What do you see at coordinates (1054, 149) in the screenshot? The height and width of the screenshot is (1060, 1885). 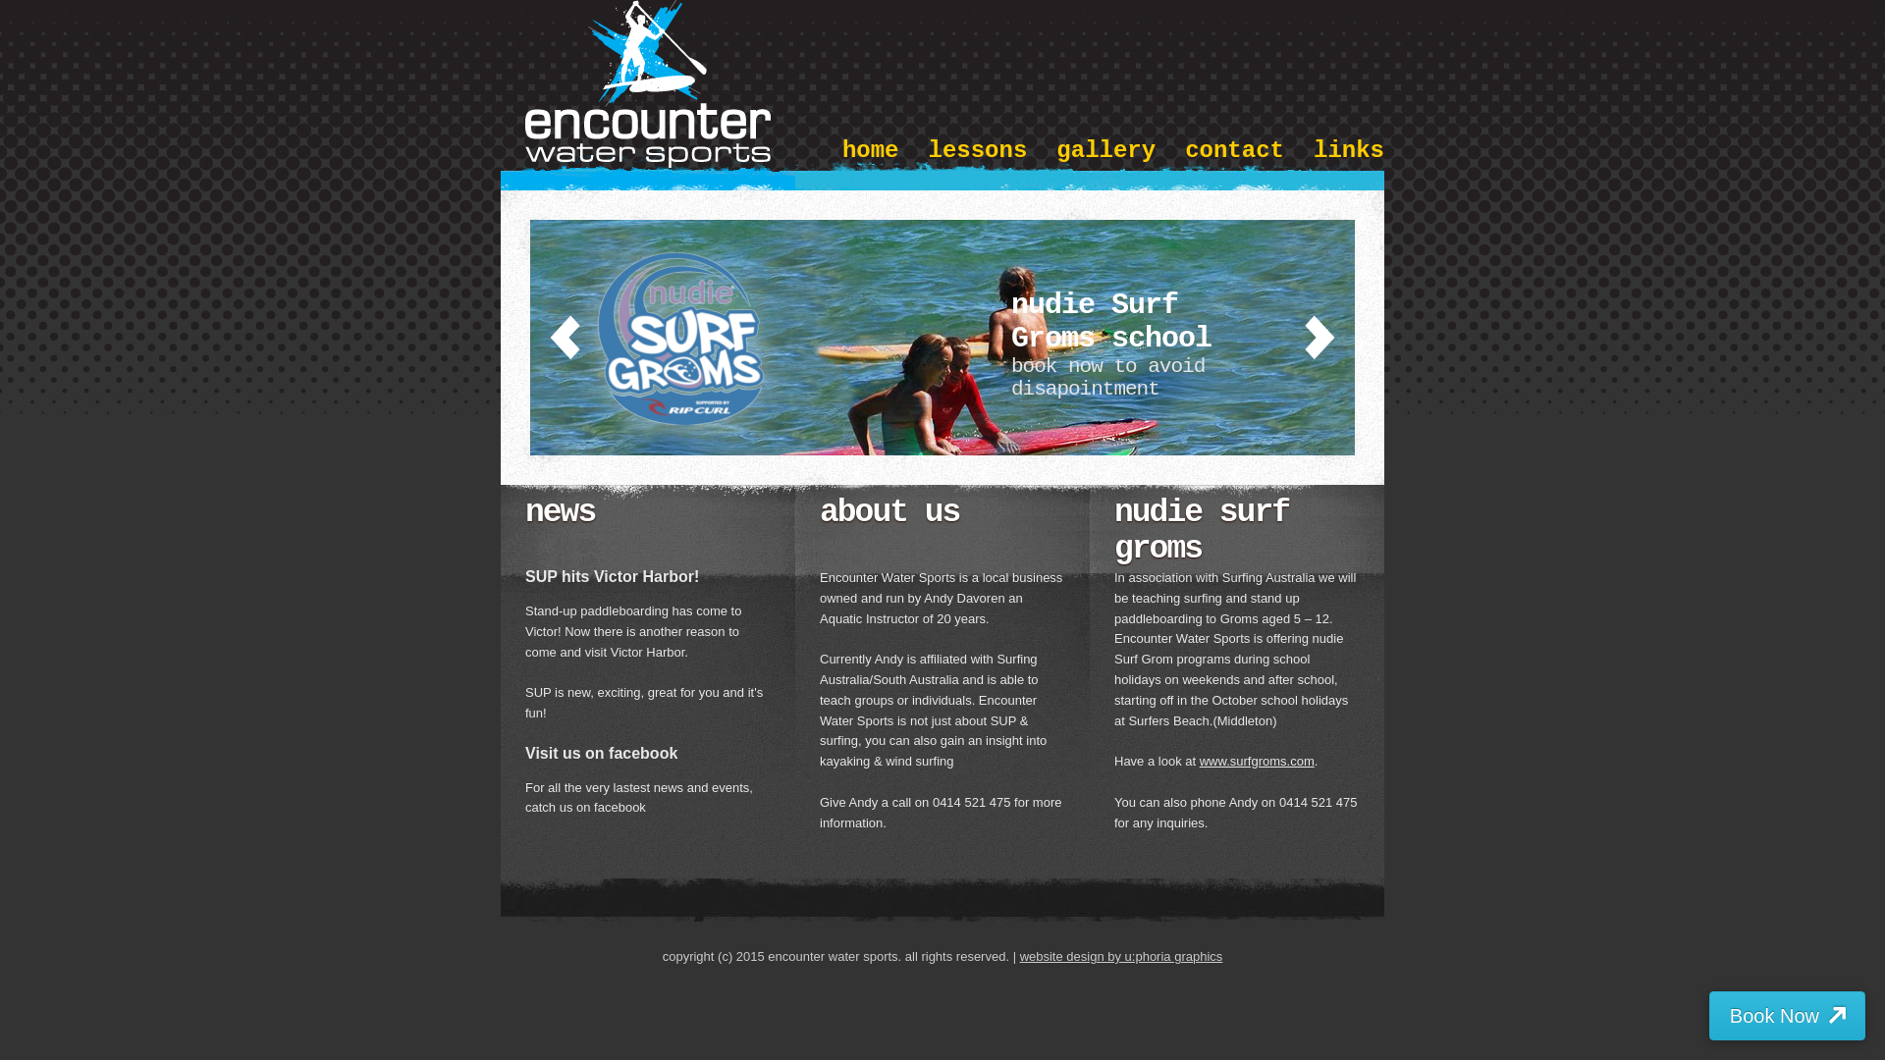 I see `'gallery'` at bounding box center [1054, 149].